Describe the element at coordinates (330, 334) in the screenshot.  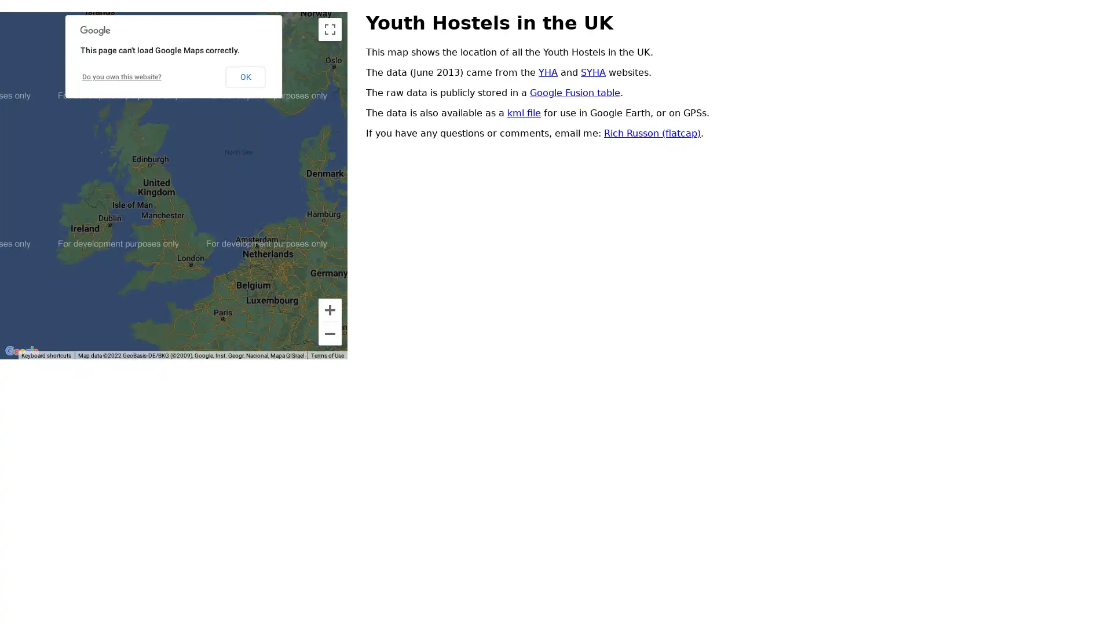
I see `Zoom out` at that location.